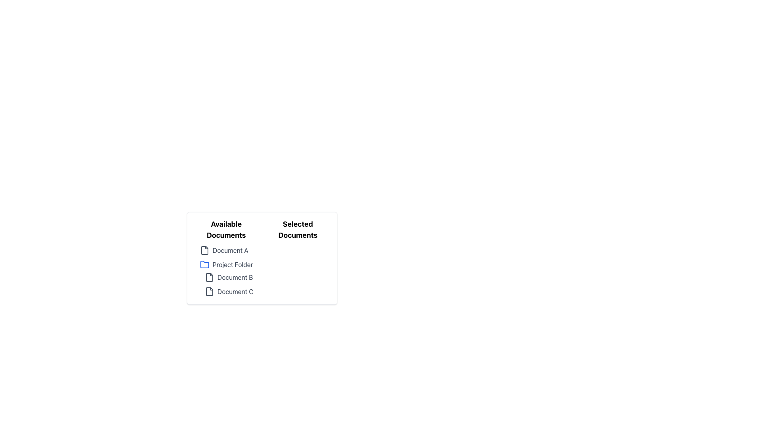 Image resolution: width=762 pixels, height=428 pixels. What do you see at coordinates (204, 264) in the screenshot?
I see `the graphical icon of the 'Project Folder' option, which is the second item in the 'Available Documents' column` at bounding box center [204, 264].